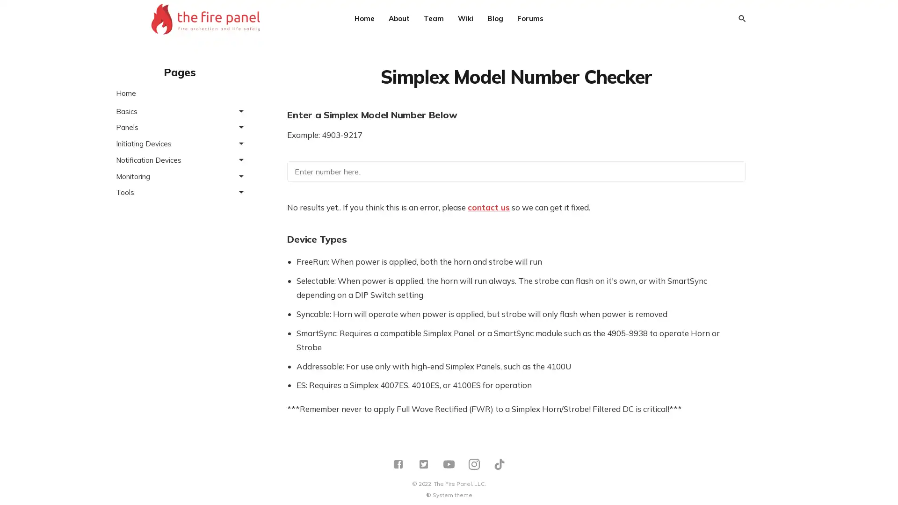 The width and height of the screenshot is (898, 505). What do you see at coordinates (180, 144) in the screenshot?
I see `Initiating Devices` at bounding box center [180, 144].